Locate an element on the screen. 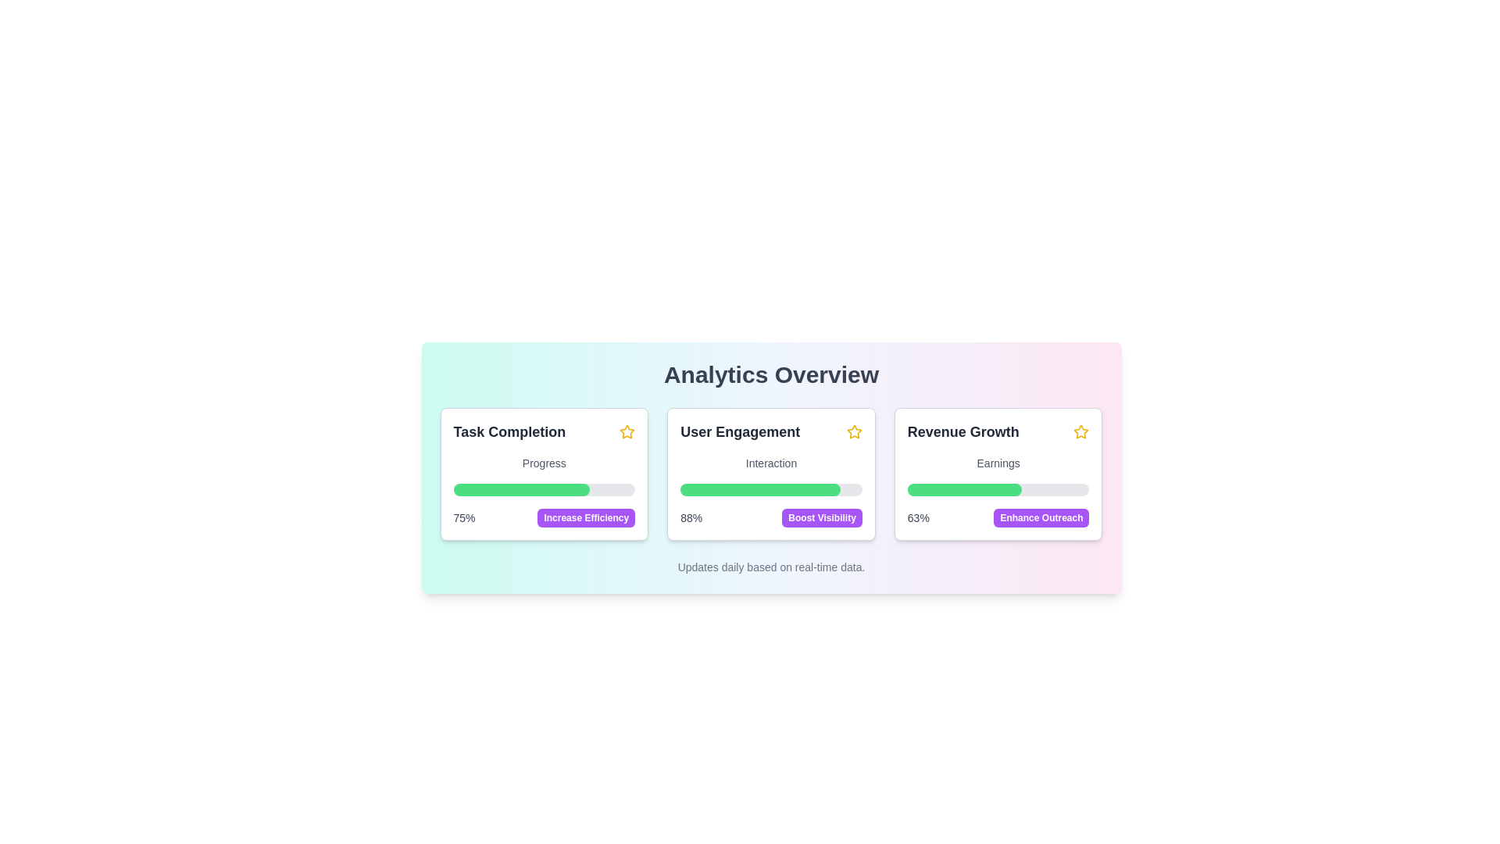 The image size is (1500, 844). the bold label with the text 'Task Completion', styled with a large font size and a gray tone, located at the leftmost side of the header section of a card is located at coordinates (509, 431).